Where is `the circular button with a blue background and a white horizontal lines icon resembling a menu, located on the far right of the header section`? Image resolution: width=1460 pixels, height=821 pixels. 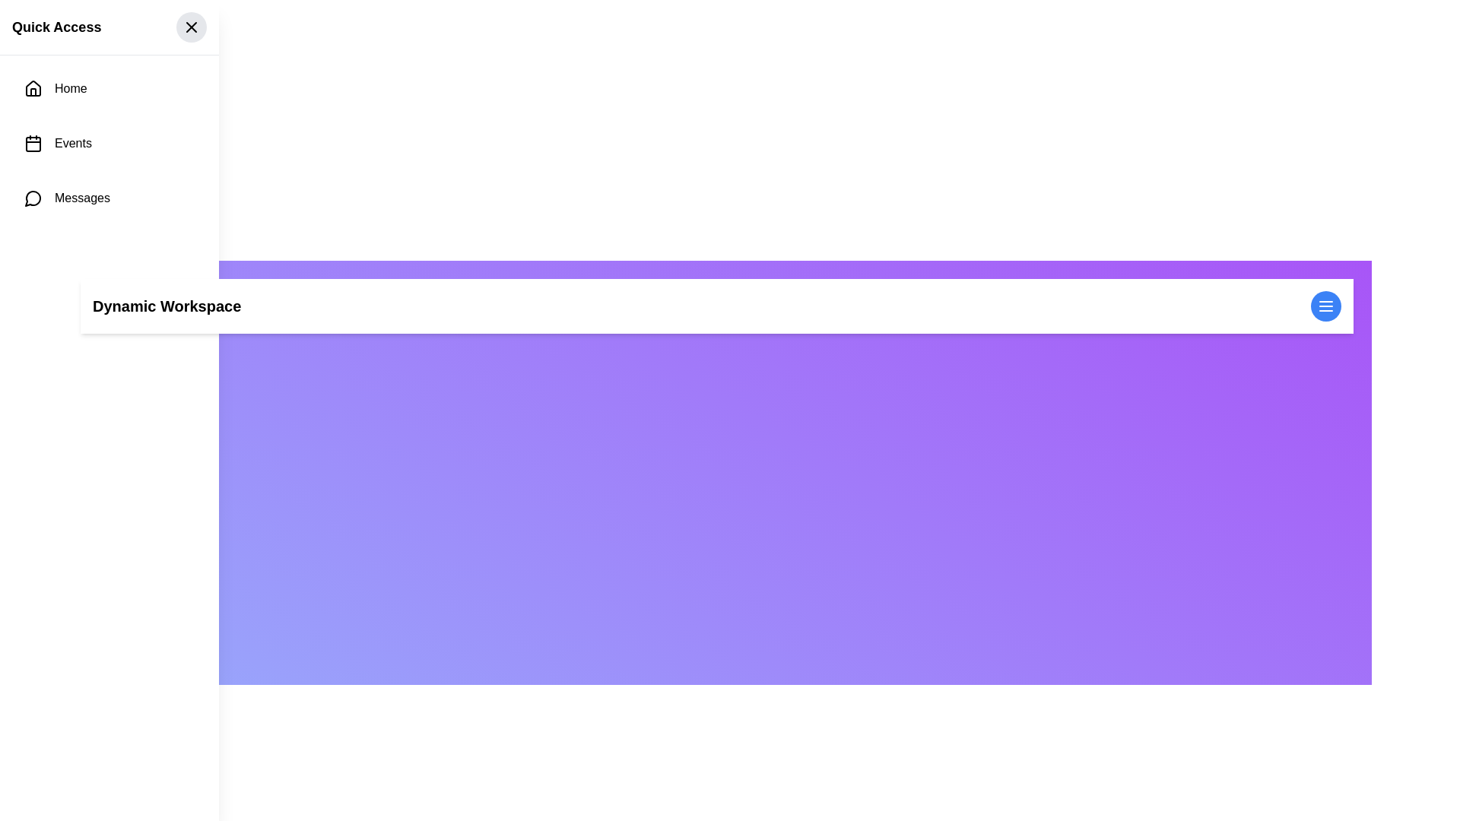 the circular button with a blue background and a white horizontal lines icon resembling a menu, located on the far right of the header section is located at coordinates (1325, 306).